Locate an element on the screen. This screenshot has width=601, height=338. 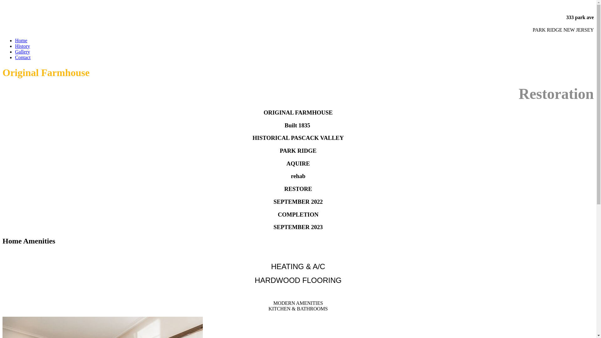
'Contact' is located at coordinates (23, 57).